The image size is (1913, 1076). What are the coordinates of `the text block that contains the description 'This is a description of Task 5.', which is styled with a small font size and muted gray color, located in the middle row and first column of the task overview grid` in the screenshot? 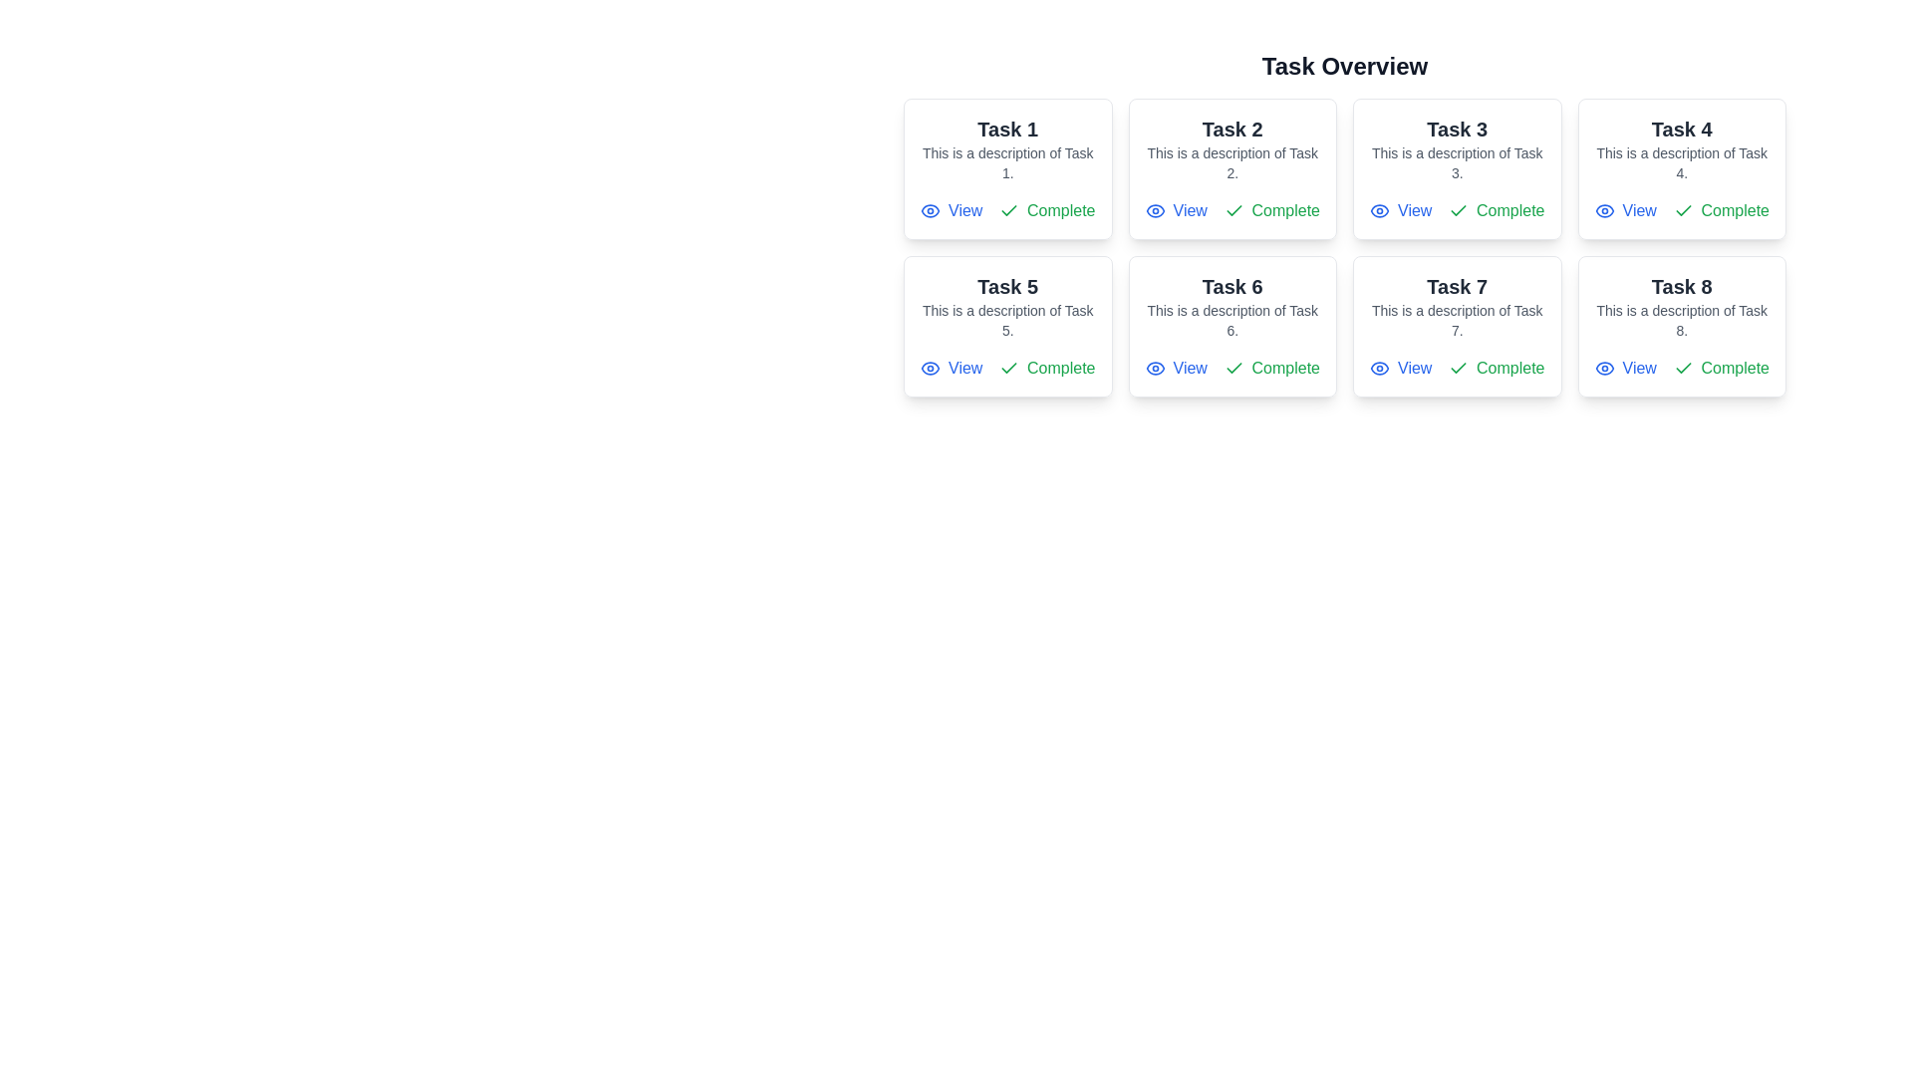 It's located at (1007, 319).